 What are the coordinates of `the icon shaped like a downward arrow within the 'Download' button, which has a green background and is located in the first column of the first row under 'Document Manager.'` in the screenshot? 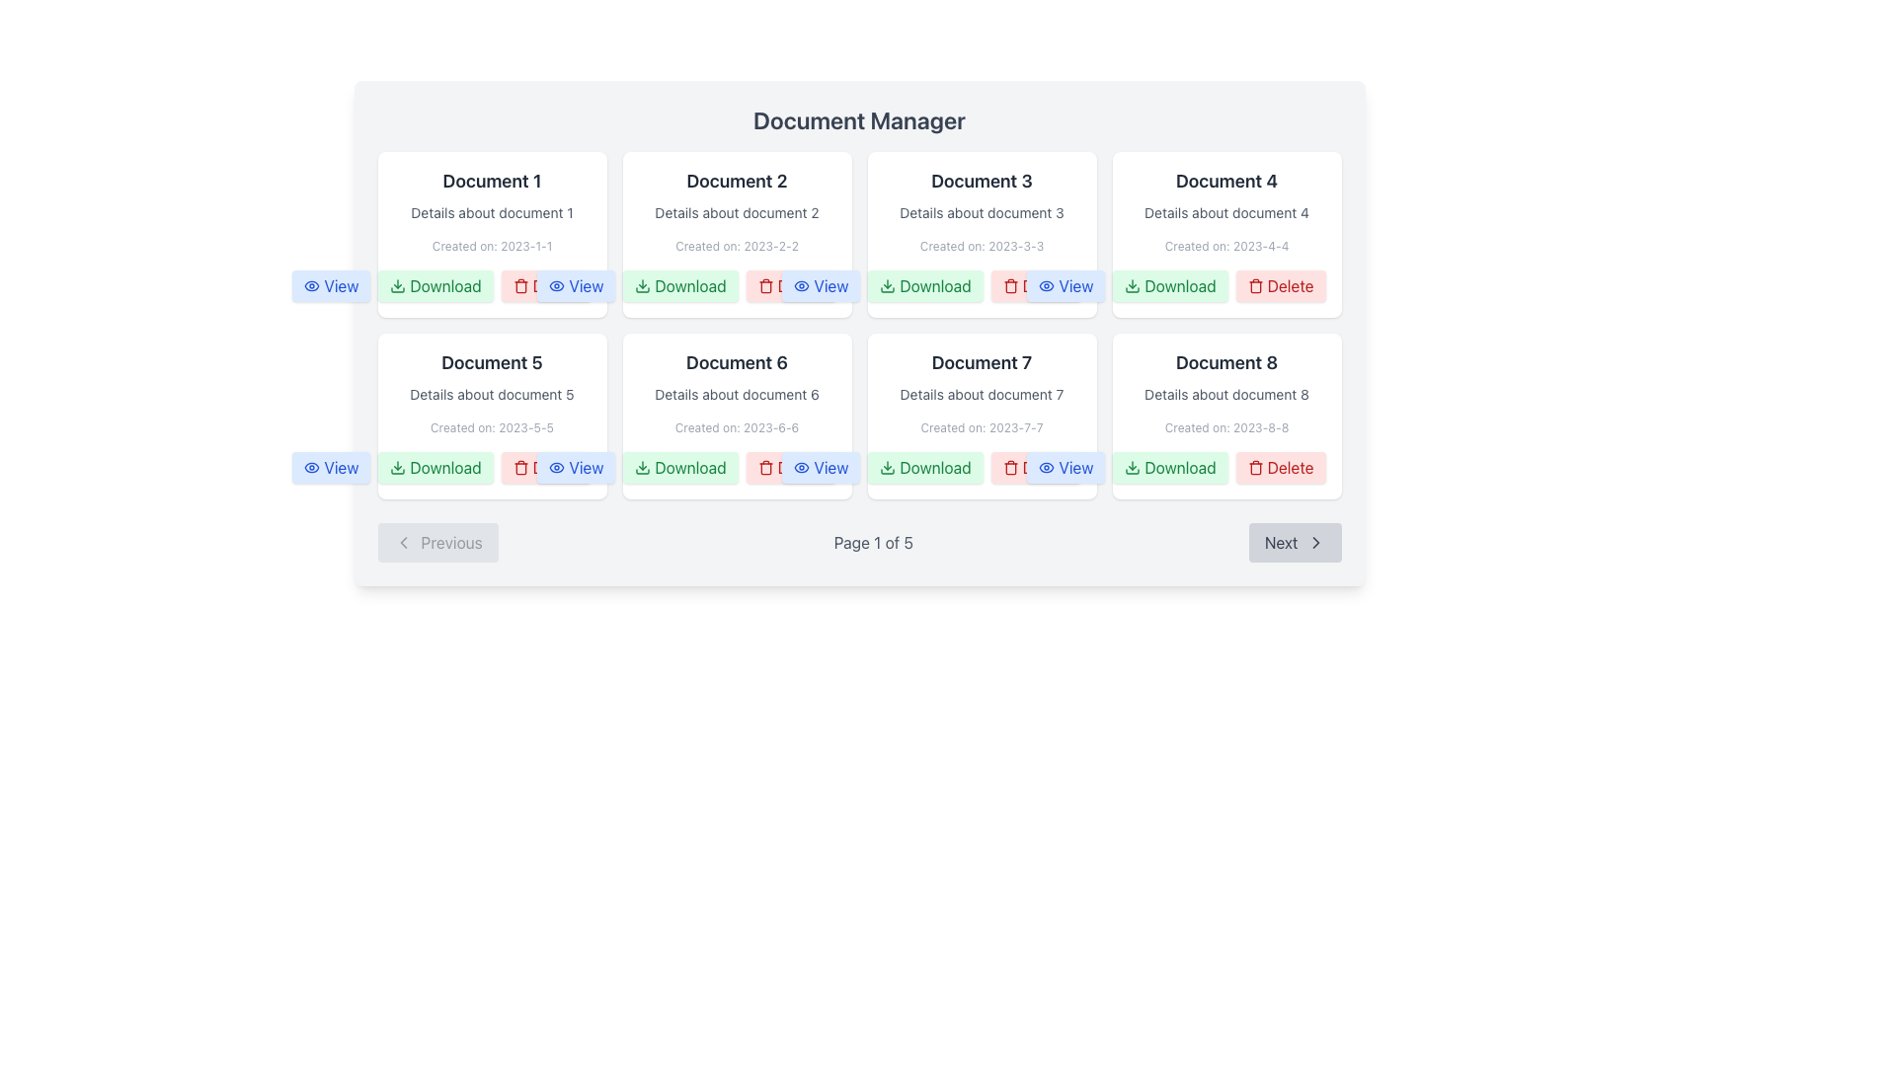 It's located at (397, 285).